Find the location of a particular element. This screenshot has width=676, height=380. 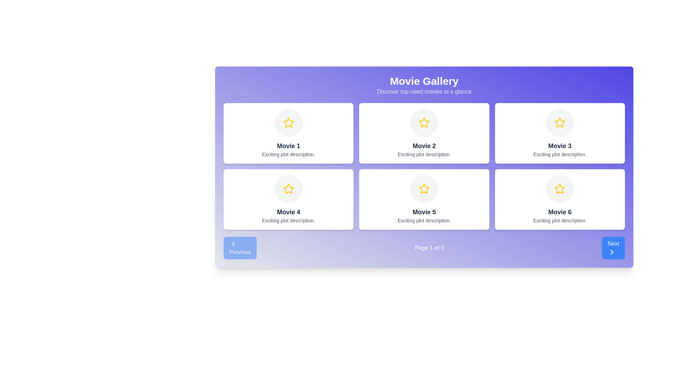

the yellow star icon located in the third card of the top row in the movie grid for more information is located at coordinates (559, 122).